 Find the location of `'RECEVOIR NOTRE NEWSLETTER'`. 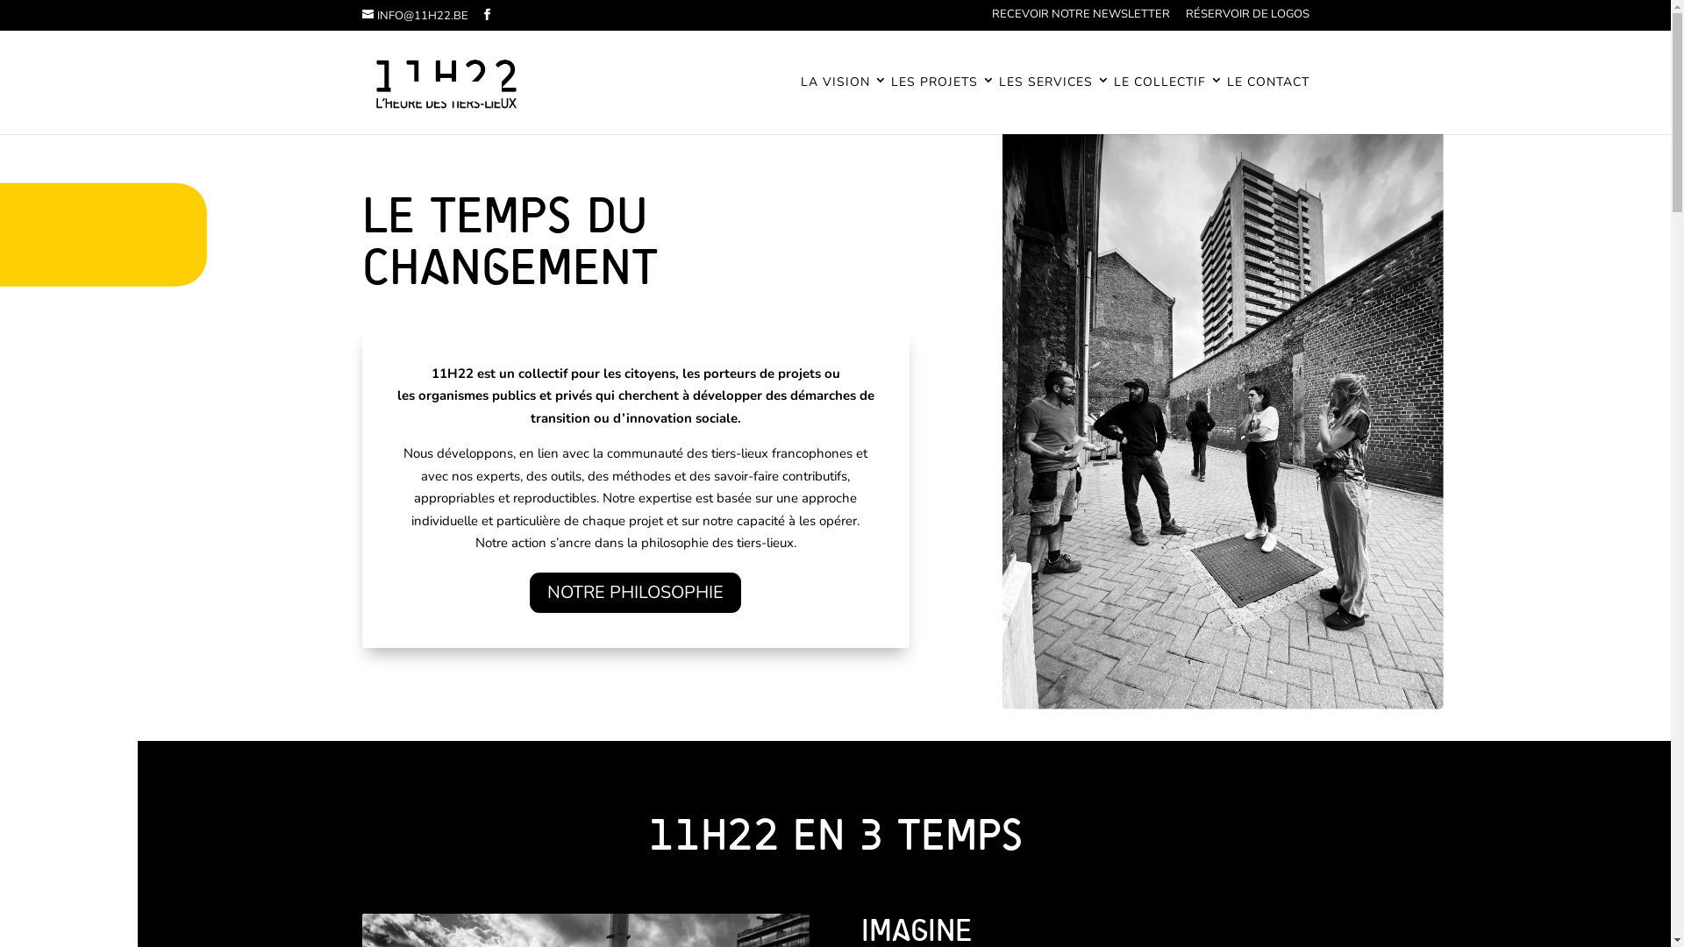

'RECEVOIR NOTRE NEWSLETTER' is located at coordinates (1079, 18).